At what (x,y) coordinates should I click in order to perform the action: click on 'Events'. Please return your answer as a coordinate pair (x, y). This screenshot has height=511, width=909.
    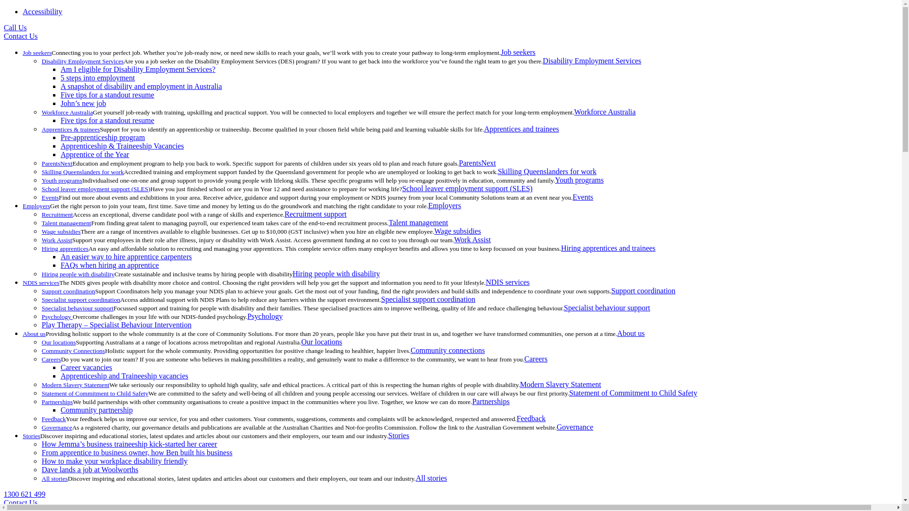
    Looking at the image, I should click on (583, 196).